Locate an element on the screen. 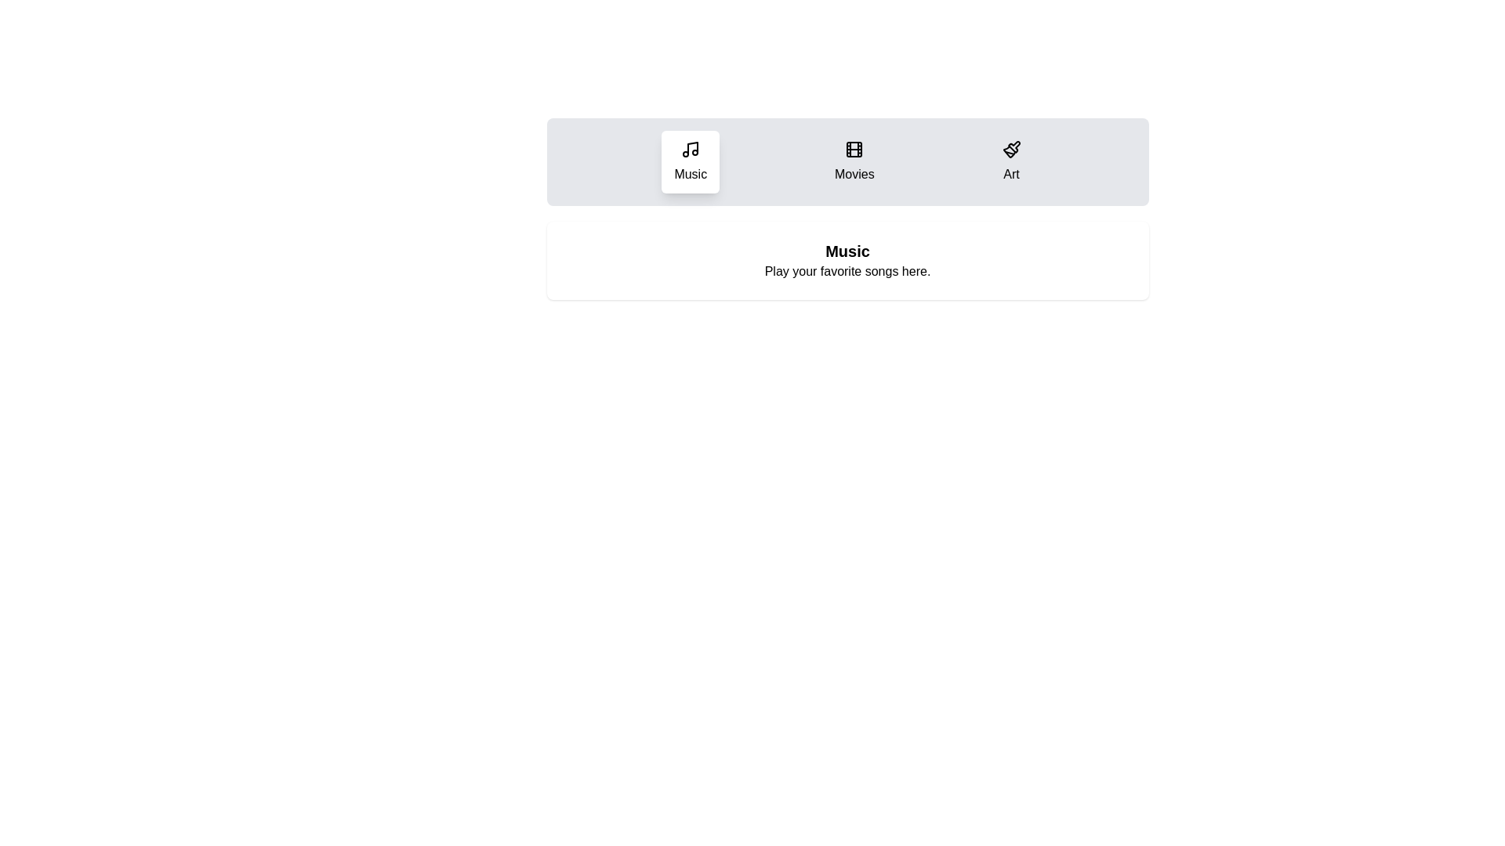  the Art tab to observe its hover effect is located at coordinates (1011, 162).